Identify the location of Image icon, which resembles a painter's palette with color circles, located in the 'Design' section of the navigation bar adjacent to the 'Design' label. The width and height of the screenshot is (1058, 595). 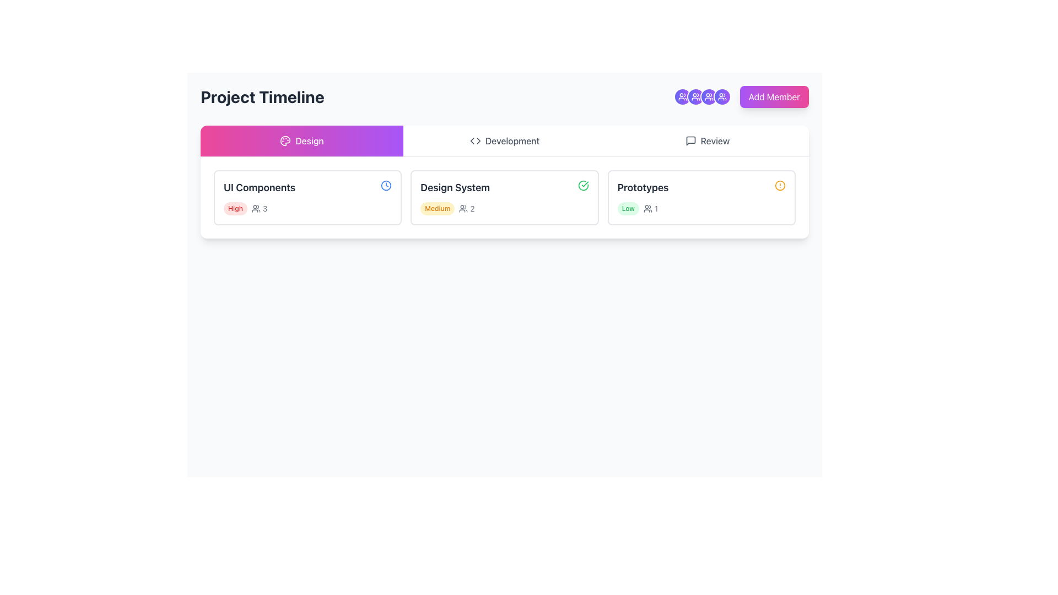
(285, 140).